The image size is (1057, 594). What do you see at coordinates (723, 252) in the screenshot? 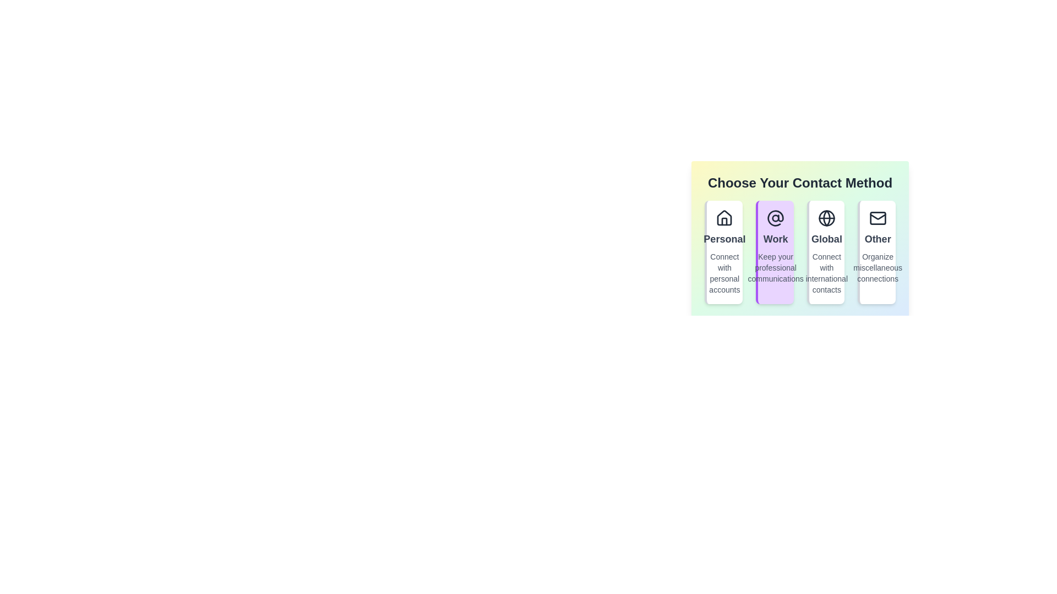
I see `the contact method Personal by clicking on its corresponding option` at bounding box center [723, 252].